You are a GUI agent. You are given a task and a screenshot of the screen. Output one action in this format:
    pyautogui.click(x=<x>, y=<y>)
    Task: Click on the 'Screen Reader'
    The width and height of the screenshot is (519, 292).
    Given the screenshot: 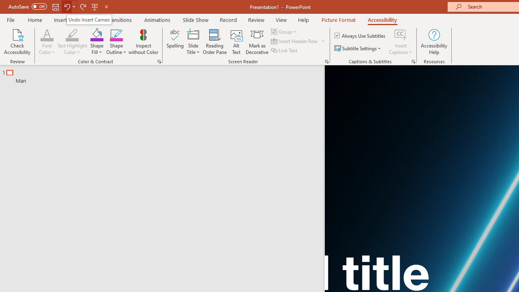 What is the action you would take?
    pyautogui.click(x=326, y=61)
    